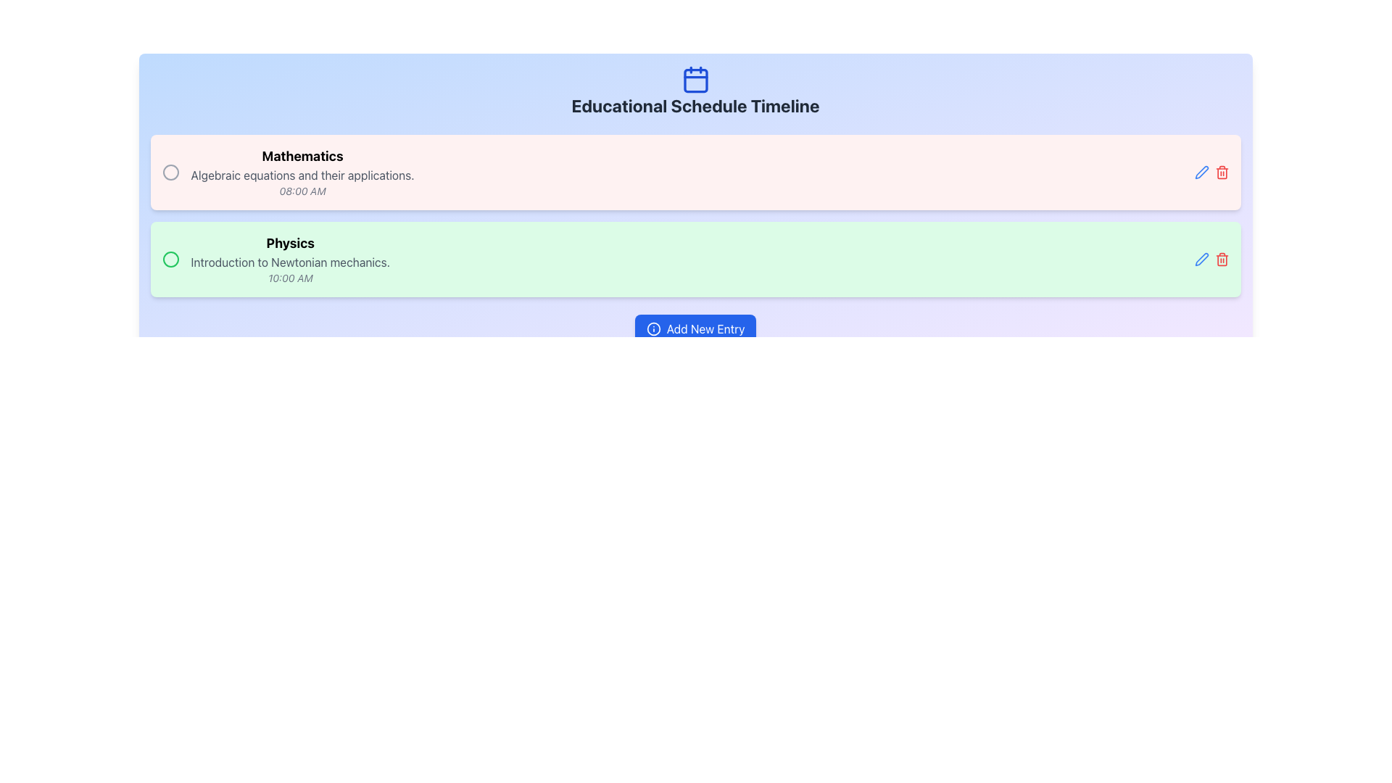 This screenshot has height=783, width=1392. I want to click on the decorative green circular marker located on the left side of the 'Physics' entry in the schedule, so click(170, 259).